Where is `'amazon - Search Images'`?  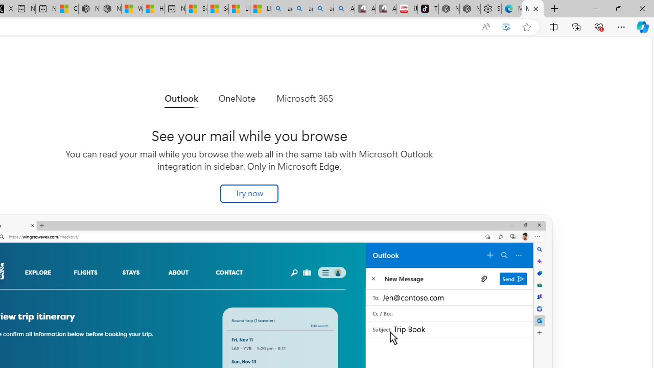
'amazon - Search Images' is located at coordinates (322, 9).